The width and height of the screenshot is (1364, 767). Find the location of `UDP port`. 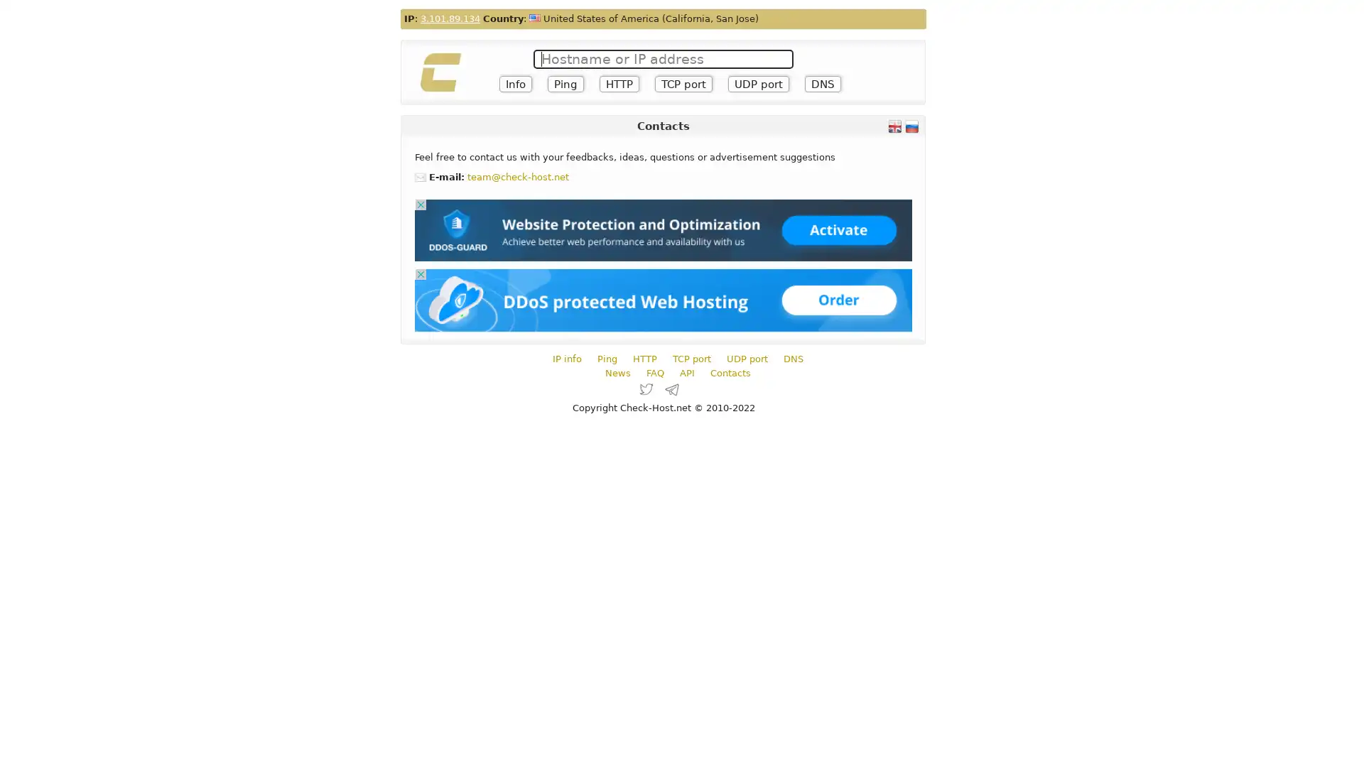

UDP port is located at coordinates (757, 84).